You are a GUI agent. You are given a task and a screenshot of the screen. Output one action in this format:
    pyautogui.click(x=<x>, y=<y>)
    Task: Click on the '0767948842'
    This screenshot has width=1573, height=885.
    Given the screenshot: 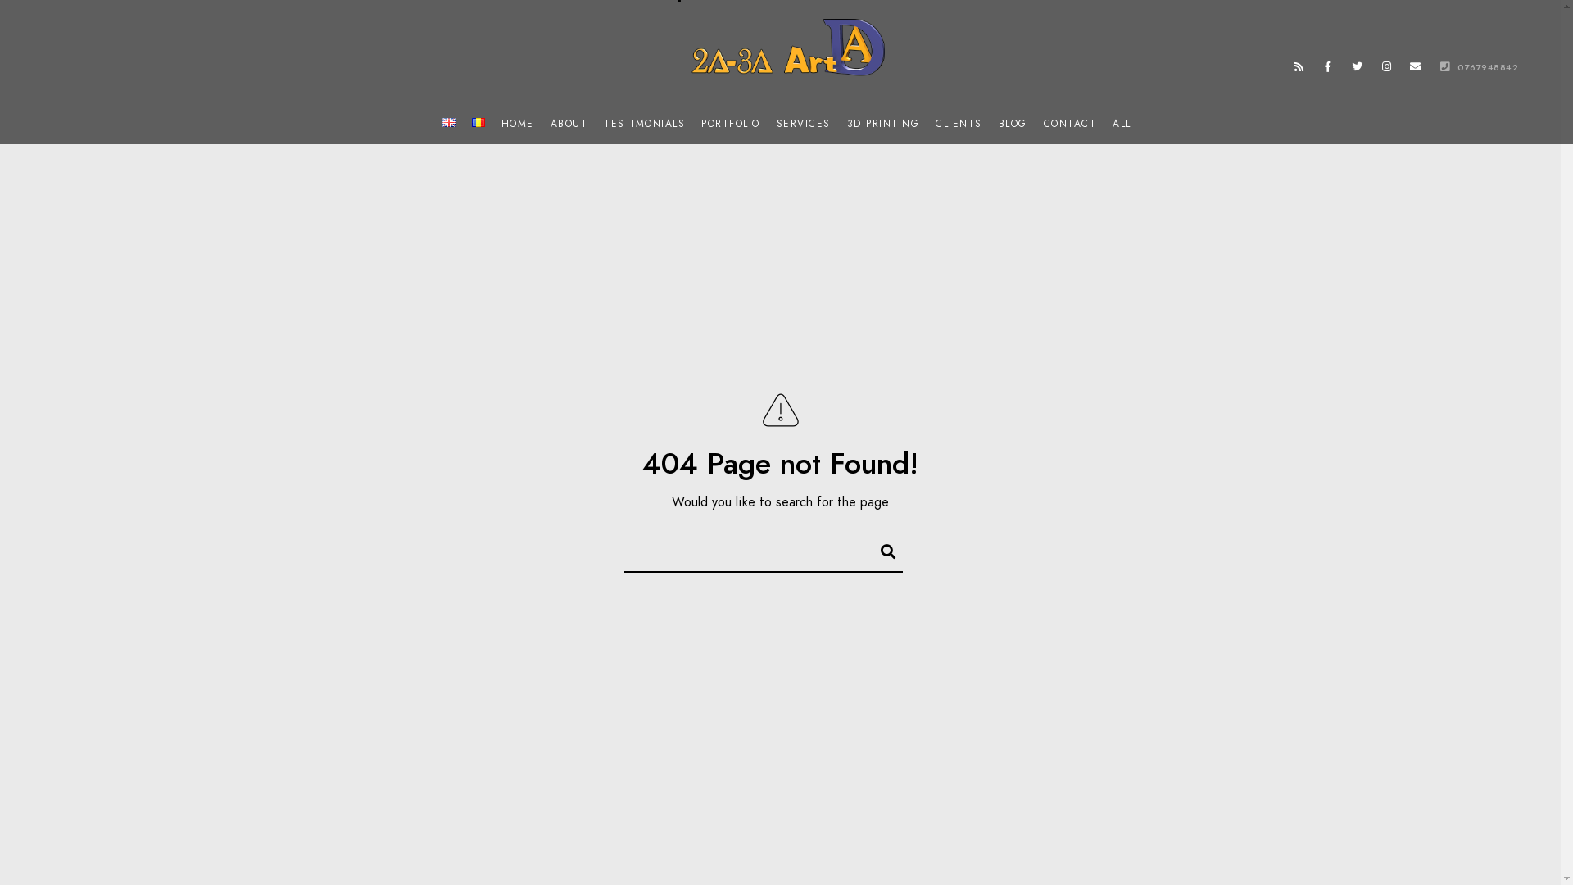 What is the action you would take?
    pyautogui.click(x=1475, y=66)
    